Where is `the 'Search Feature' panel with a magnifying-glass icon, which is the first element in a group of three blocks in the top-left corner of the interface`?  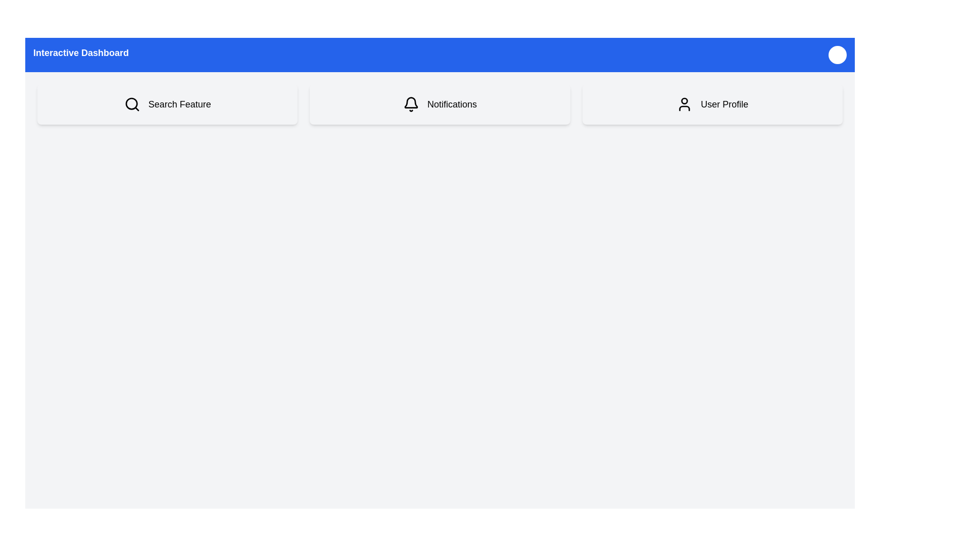
the 'Search Feature' panel with a magnifying-glass icon, which is the first element in a group of three blocks in the top-left corner of the interface is located at coordinates (167, 104).